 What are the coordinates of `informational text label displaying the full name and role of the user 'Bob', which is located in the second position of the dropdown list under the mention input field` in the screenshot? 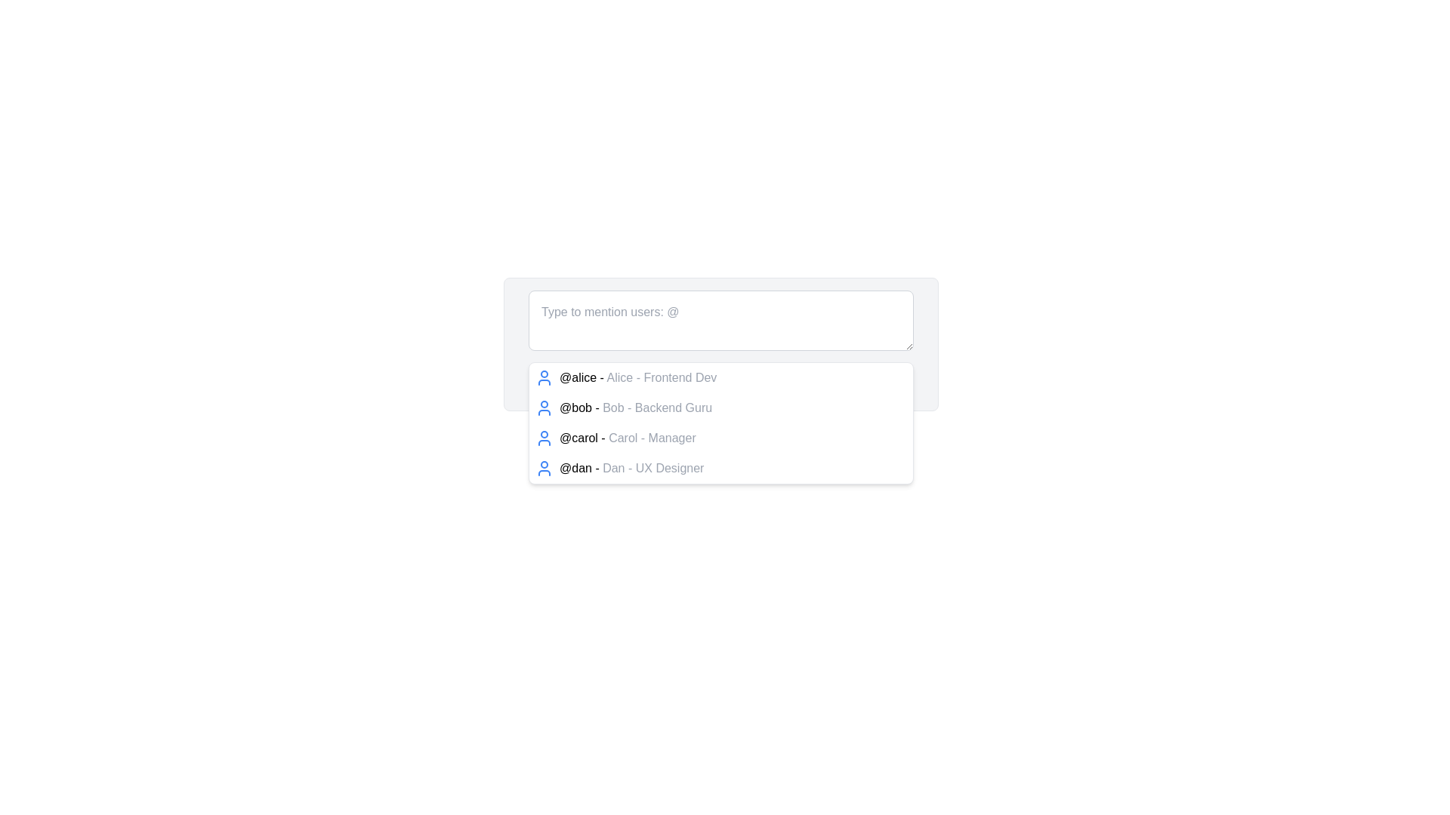 It's located at (657, 407).